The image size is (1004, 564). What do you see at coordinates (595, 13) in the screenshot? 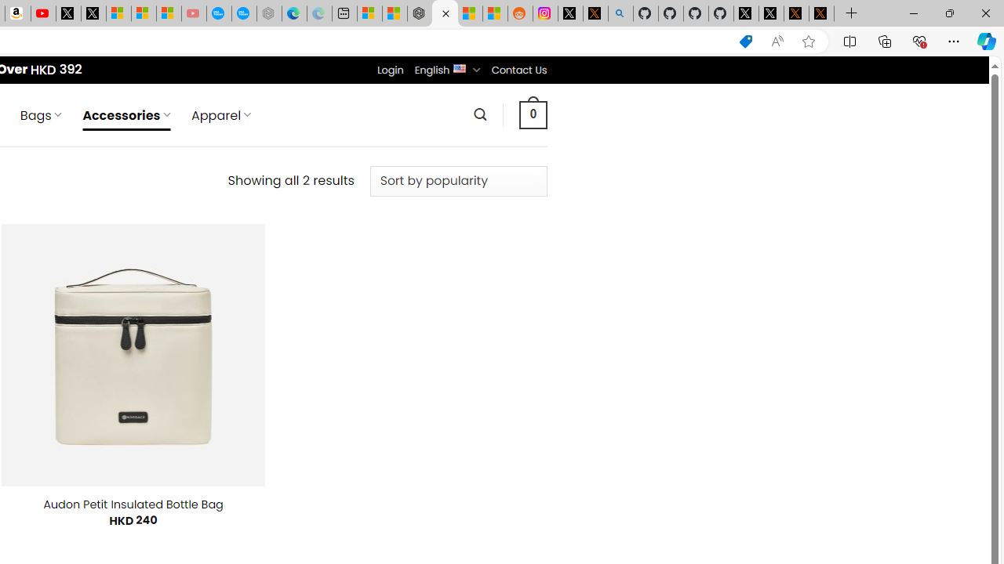
I see `'help.x.com | 524: A timeout occurred'` at bounding box center [595, 13].